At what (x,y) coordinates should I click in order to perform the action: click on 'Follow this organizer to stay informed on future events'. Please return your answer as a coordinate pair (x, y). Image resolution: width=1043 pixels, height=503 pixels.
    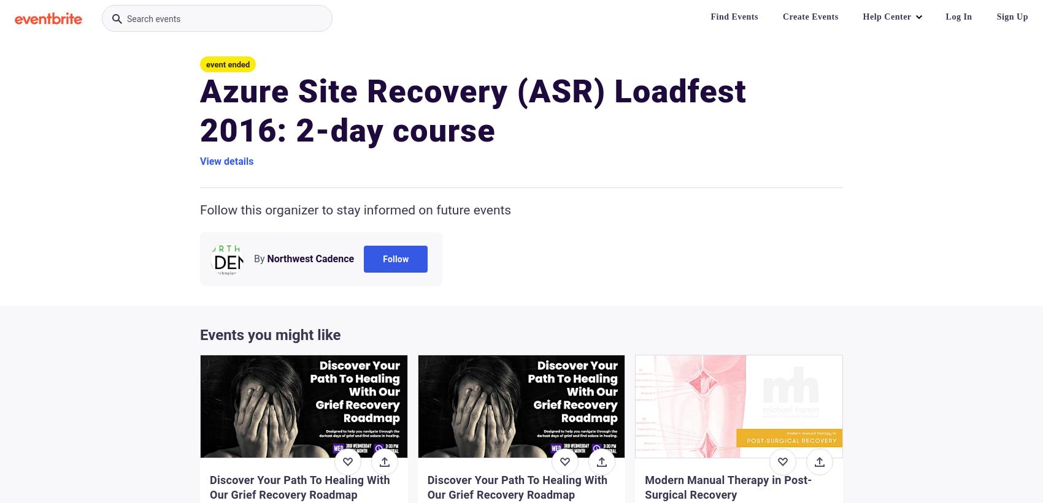
    Looking at the image, I should click on (199, 210).